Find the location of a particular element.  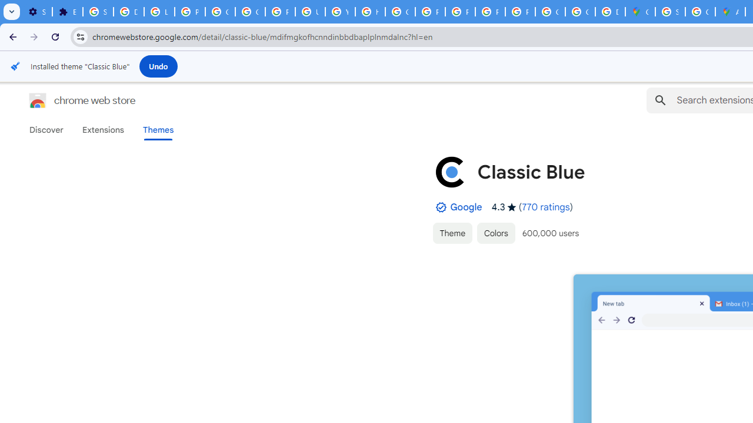

'By Established Publisher Badge' is located at coordinates (440, 207).